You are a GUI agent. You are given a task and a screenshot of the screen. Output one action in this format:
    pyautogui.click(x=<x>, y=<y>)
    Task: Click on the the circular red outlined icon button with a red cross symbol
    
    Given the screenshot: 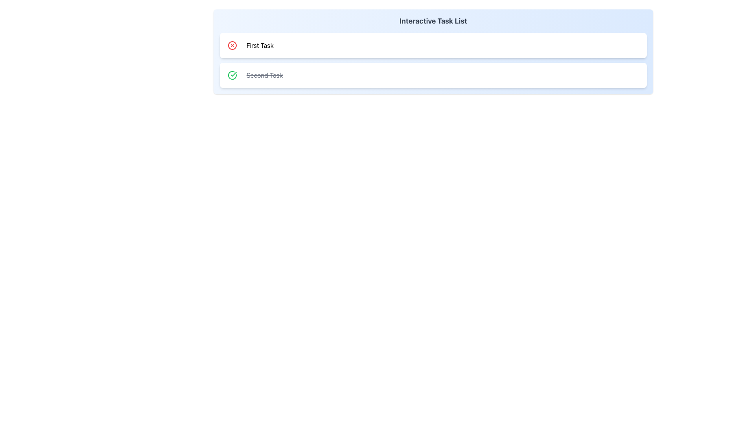 What is the action you would take?
    pyautogui.click(x=232, y=45)
    